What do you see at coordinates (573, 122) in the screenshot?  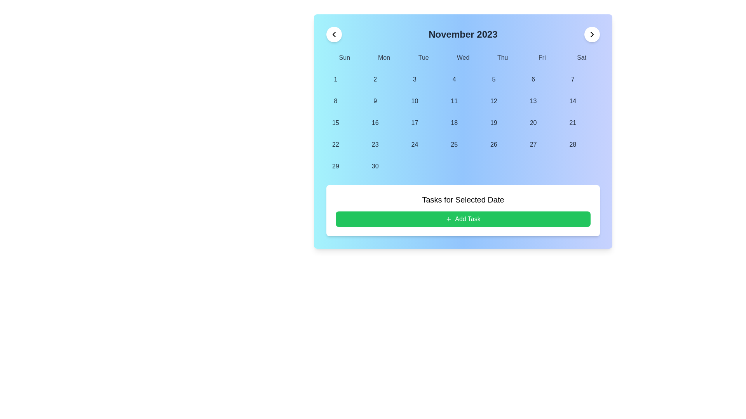 I see `the button labeled '21' in the calendar view` at bounding box center [573, 122].